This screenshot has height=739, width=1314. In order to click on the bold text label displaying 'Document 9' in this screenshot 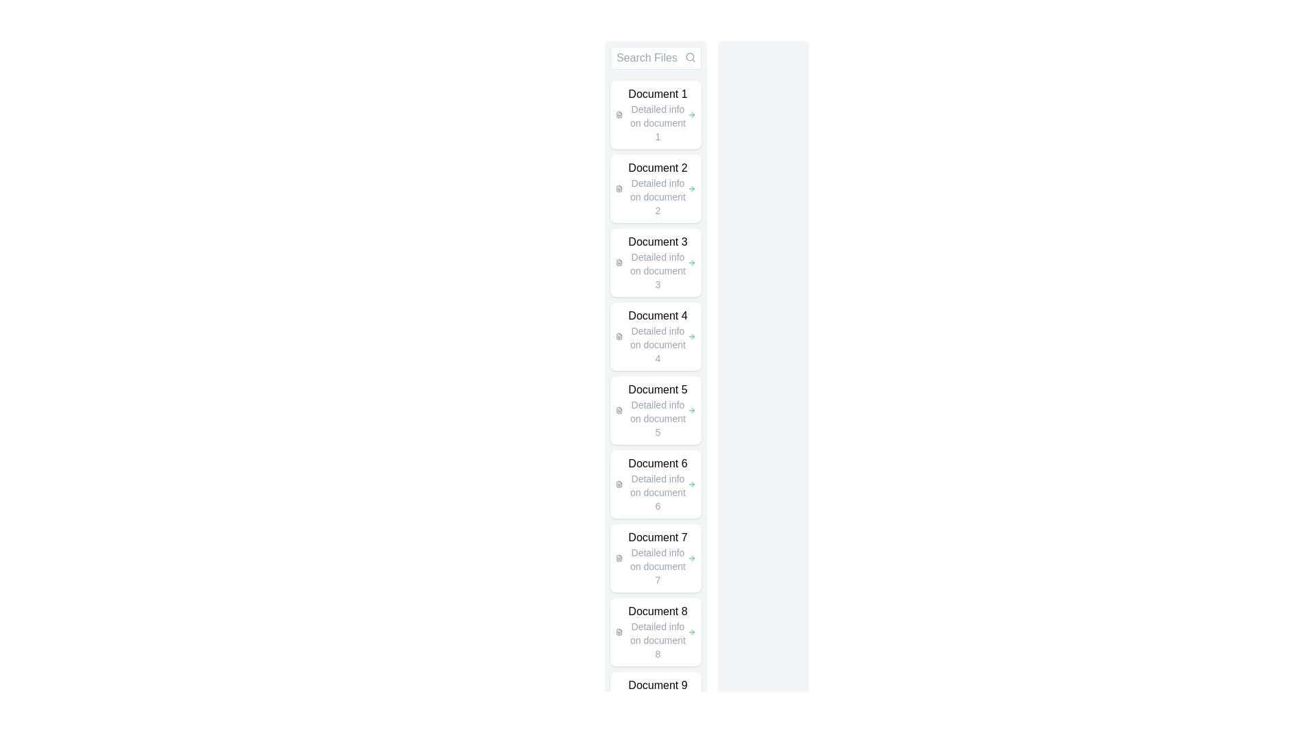, I will do `click(658, 686)`.